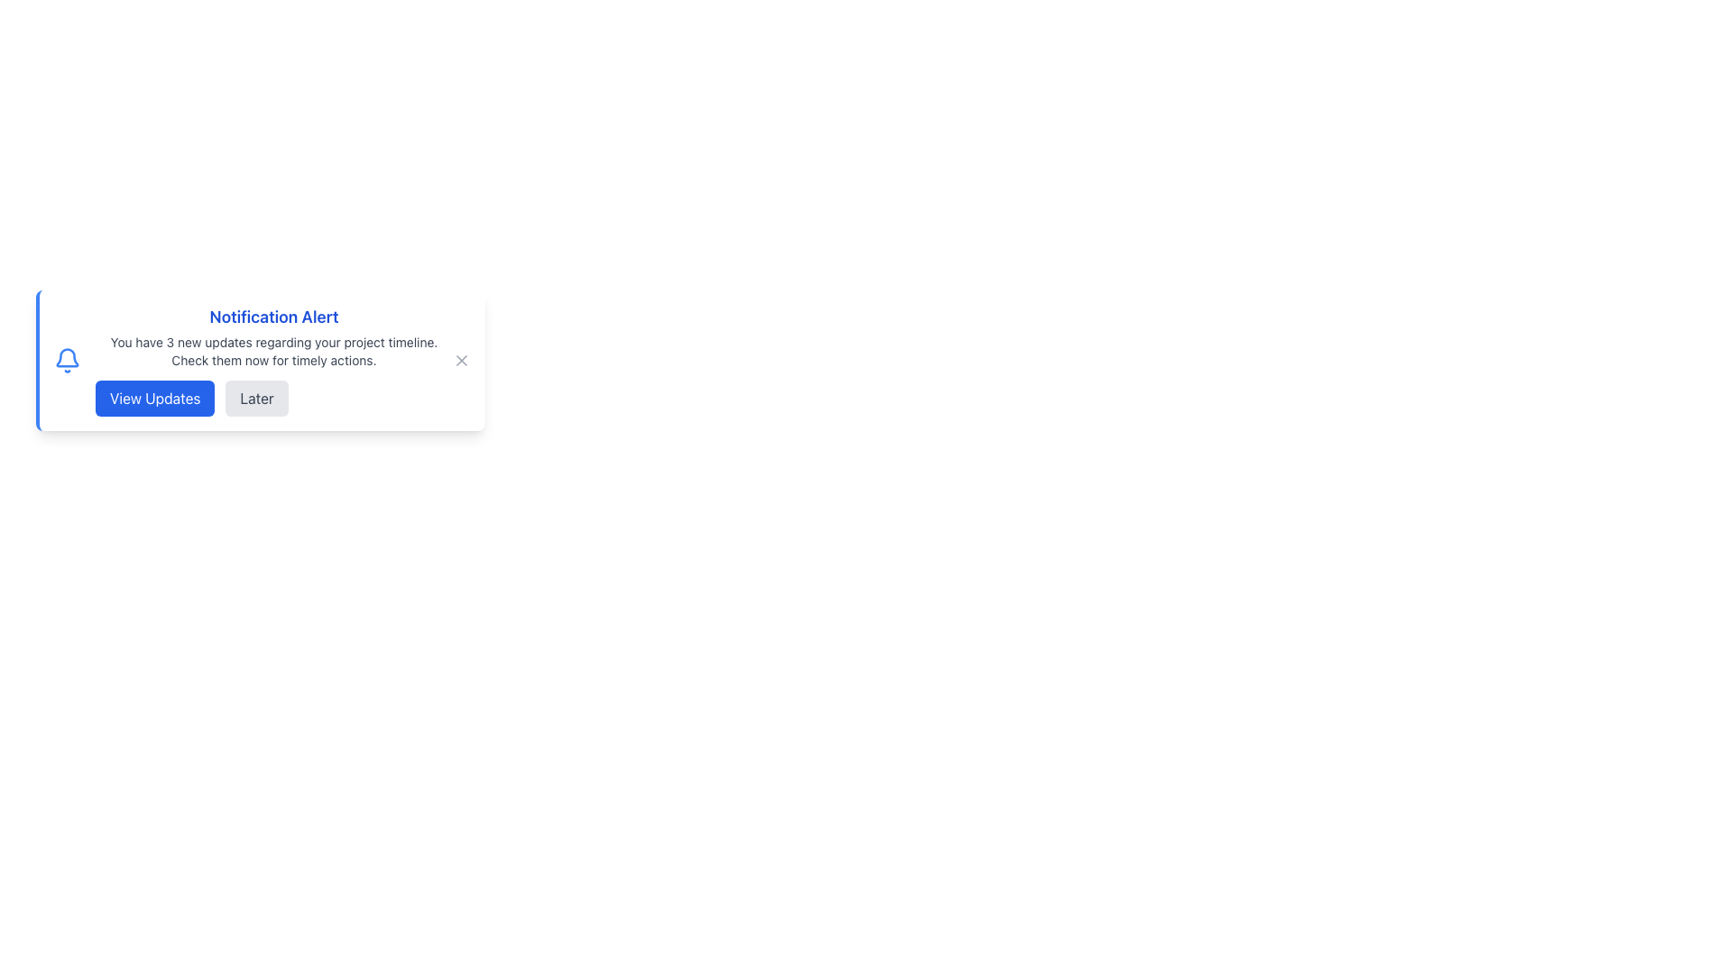  I want to click on the 'Later' button in the notification box, so click(272, 398).